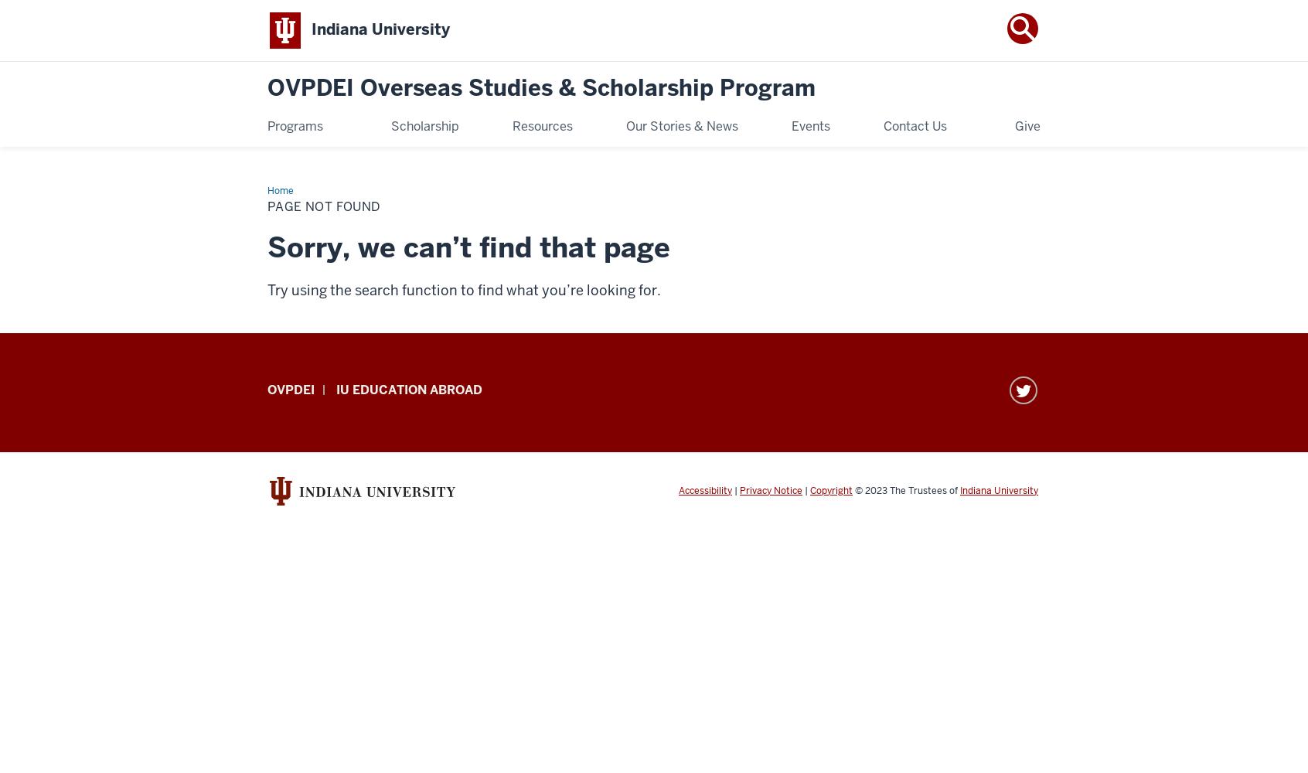 The width and height of the screenshot is (1308, 773). I want to click on 'Try using the search function to find what you’re looking for.', so click(463, 288).